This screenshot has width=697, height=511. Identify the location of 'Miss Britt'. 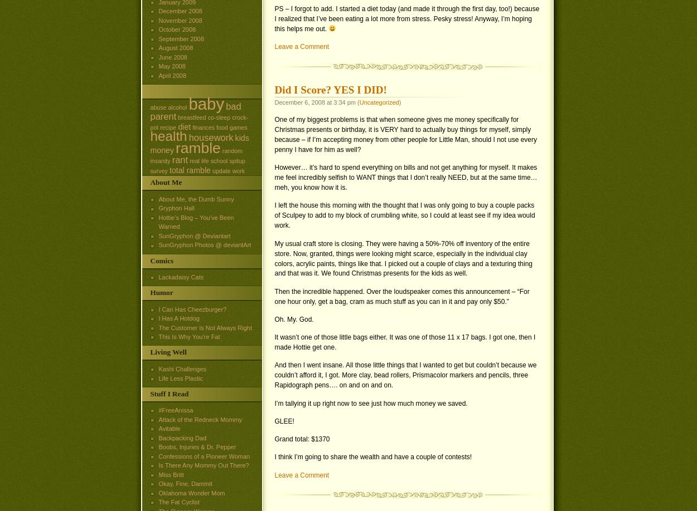
(171, 473).